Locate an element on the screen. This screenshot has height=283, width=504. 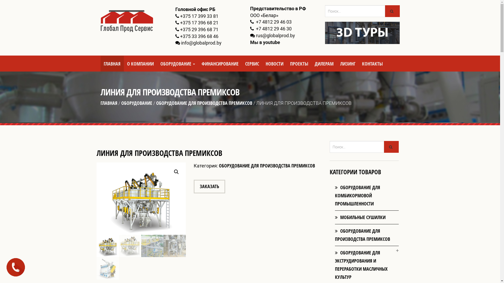
'premiksi1' is located at coordinates (186, 196).